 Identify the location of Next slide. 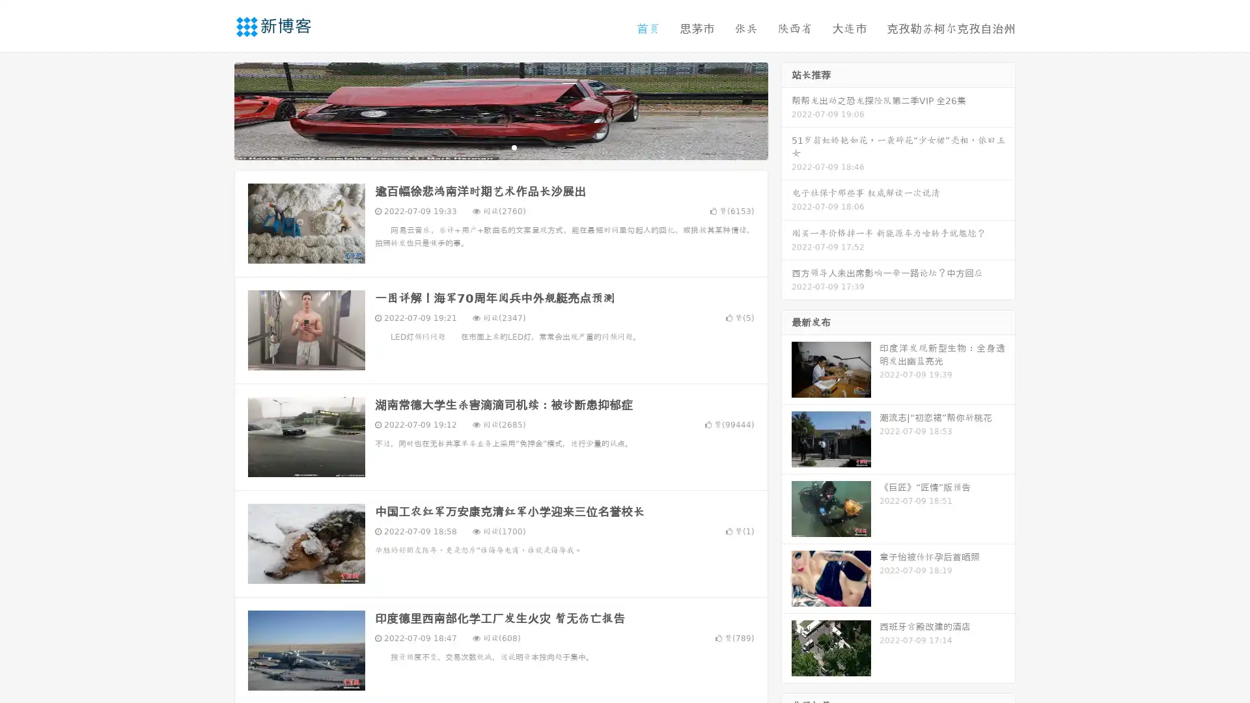
(786, 109).